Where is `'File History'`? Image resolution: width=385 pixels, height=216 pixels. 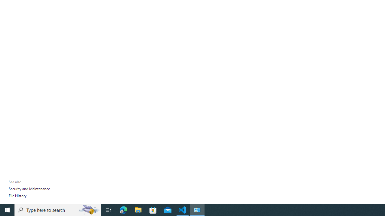 'File History' is located at coordinates (17, 196).